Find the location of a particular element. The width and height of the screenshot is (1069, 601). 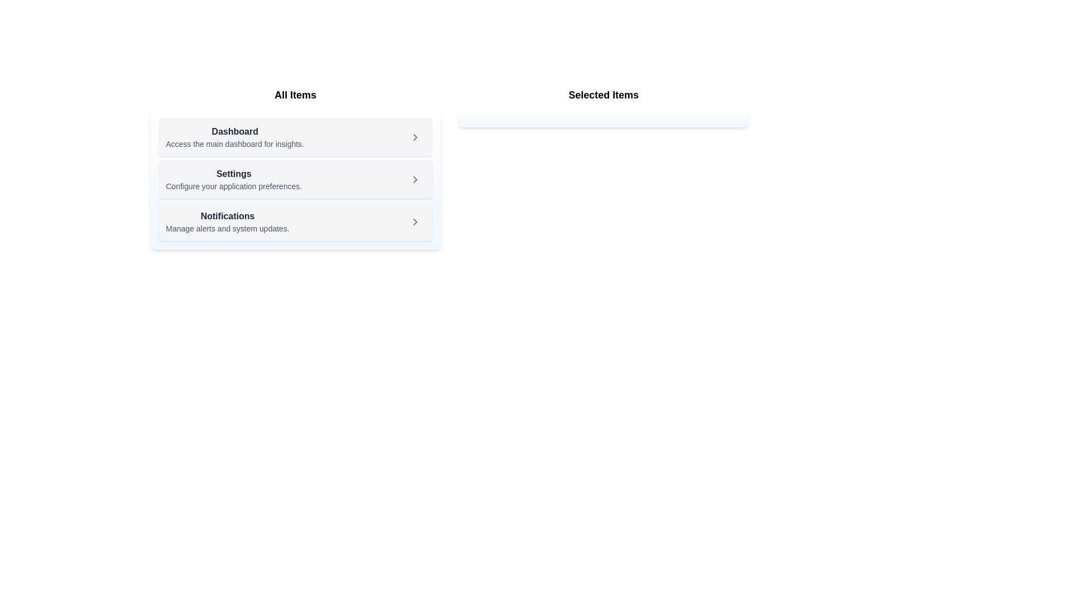

the item Settings to highlight it is located at coordinates (233, 179).